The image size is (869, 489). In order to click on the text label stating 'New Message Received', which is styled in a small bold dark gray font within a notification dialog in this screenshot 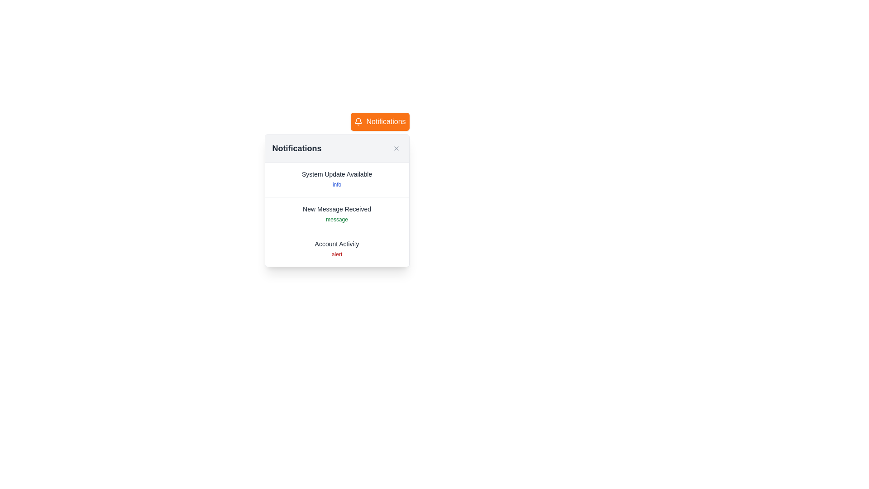, I will do `click(336, 209)`.